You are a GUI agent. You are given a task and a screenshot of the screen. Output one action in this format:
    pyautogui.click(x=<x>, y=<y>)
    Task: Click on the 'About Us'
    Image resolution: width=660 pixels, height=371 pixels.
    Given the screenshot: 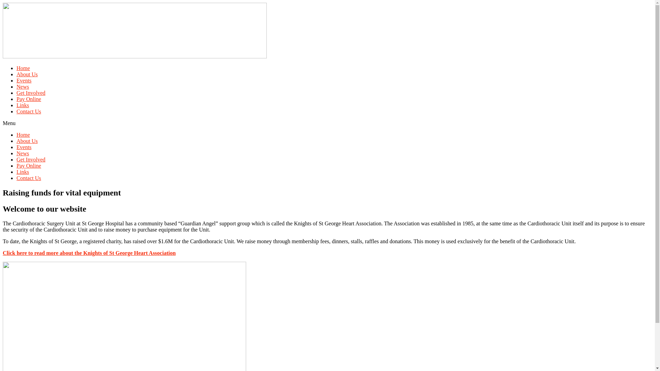 What is the action you would take?
    pyautogui.click(x=27, y=74)
    